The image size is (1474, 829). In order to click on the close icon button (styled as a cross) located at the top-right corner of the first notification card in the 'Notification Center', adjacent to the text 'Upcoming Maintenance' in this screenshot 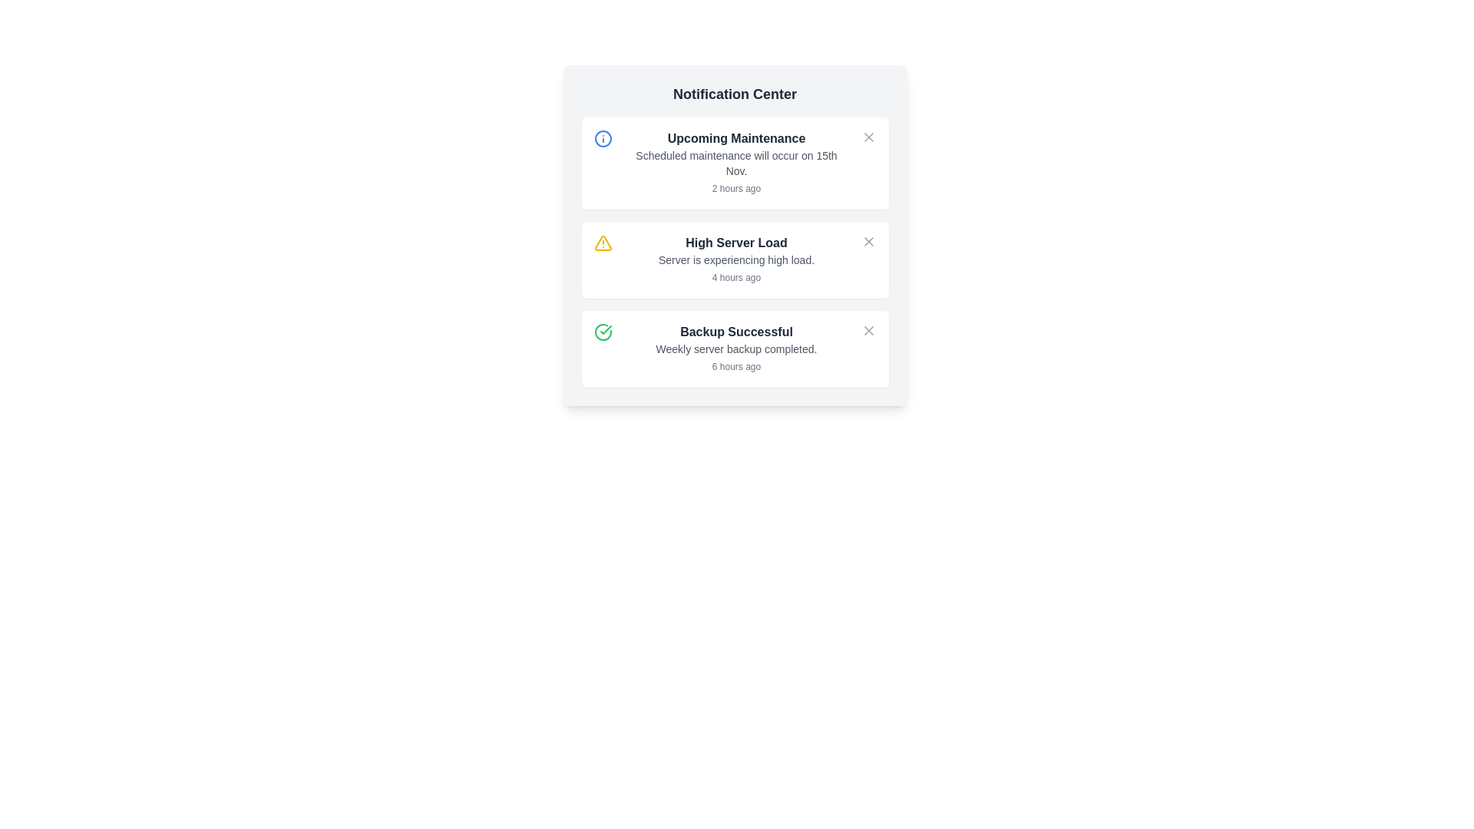, I will do `click(868, 136)`.